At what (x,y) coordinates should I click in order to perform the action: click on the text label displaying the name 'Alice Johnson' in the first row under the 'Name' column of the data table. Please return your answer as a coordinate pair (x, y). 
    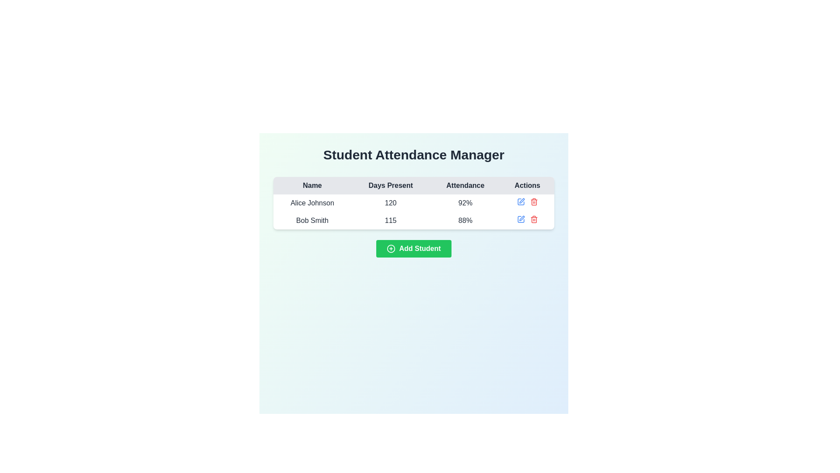
    Looking at the image, I should click on (312, 203).